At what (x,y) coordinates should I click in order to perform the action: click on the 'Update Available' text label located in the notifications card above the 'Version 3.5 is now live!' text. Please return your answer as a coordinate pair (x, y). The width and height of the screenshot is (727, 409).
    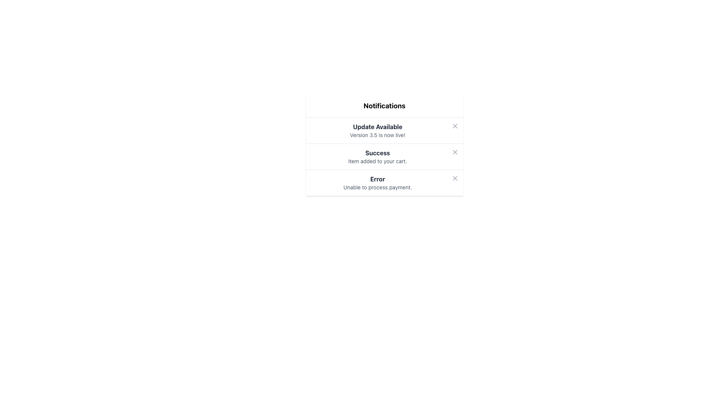
    Looking at the image, I should click on (378, 126).